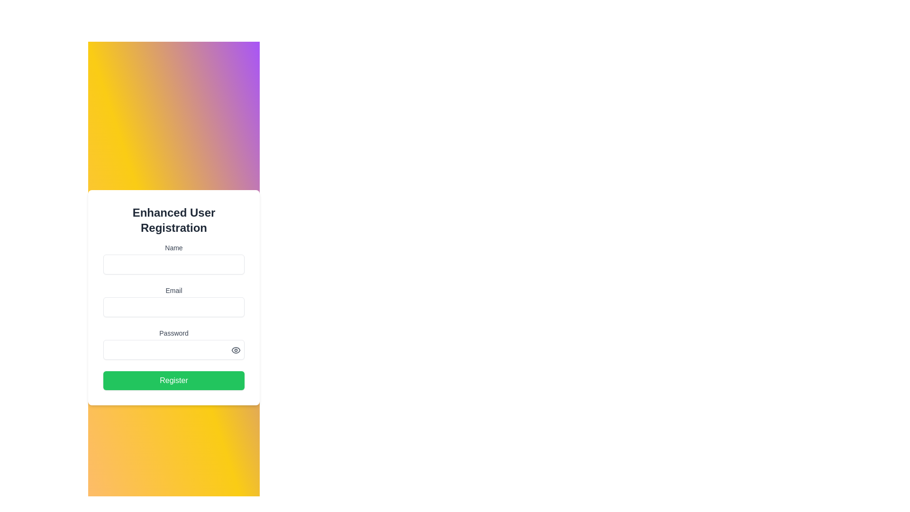 Image resolution: width=910 pixels, height=512 pixels. Describe the element at coordinates (173, 220) in the screenshot. I see `on the text label displaying 'Enhanced User Registration'` at that location.